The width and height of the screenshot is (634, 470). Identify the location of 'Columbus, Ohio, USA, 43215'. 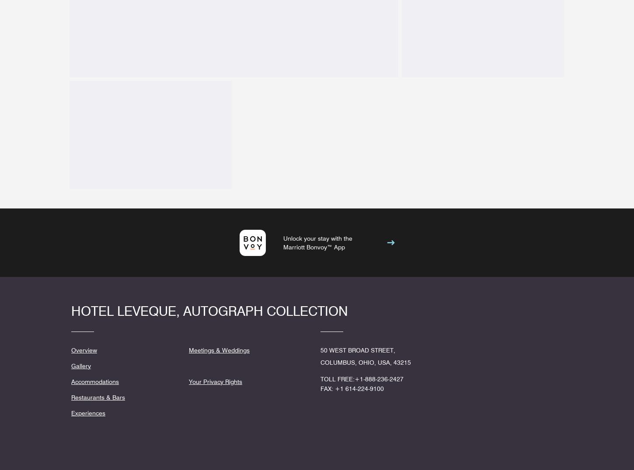
(366, 361).